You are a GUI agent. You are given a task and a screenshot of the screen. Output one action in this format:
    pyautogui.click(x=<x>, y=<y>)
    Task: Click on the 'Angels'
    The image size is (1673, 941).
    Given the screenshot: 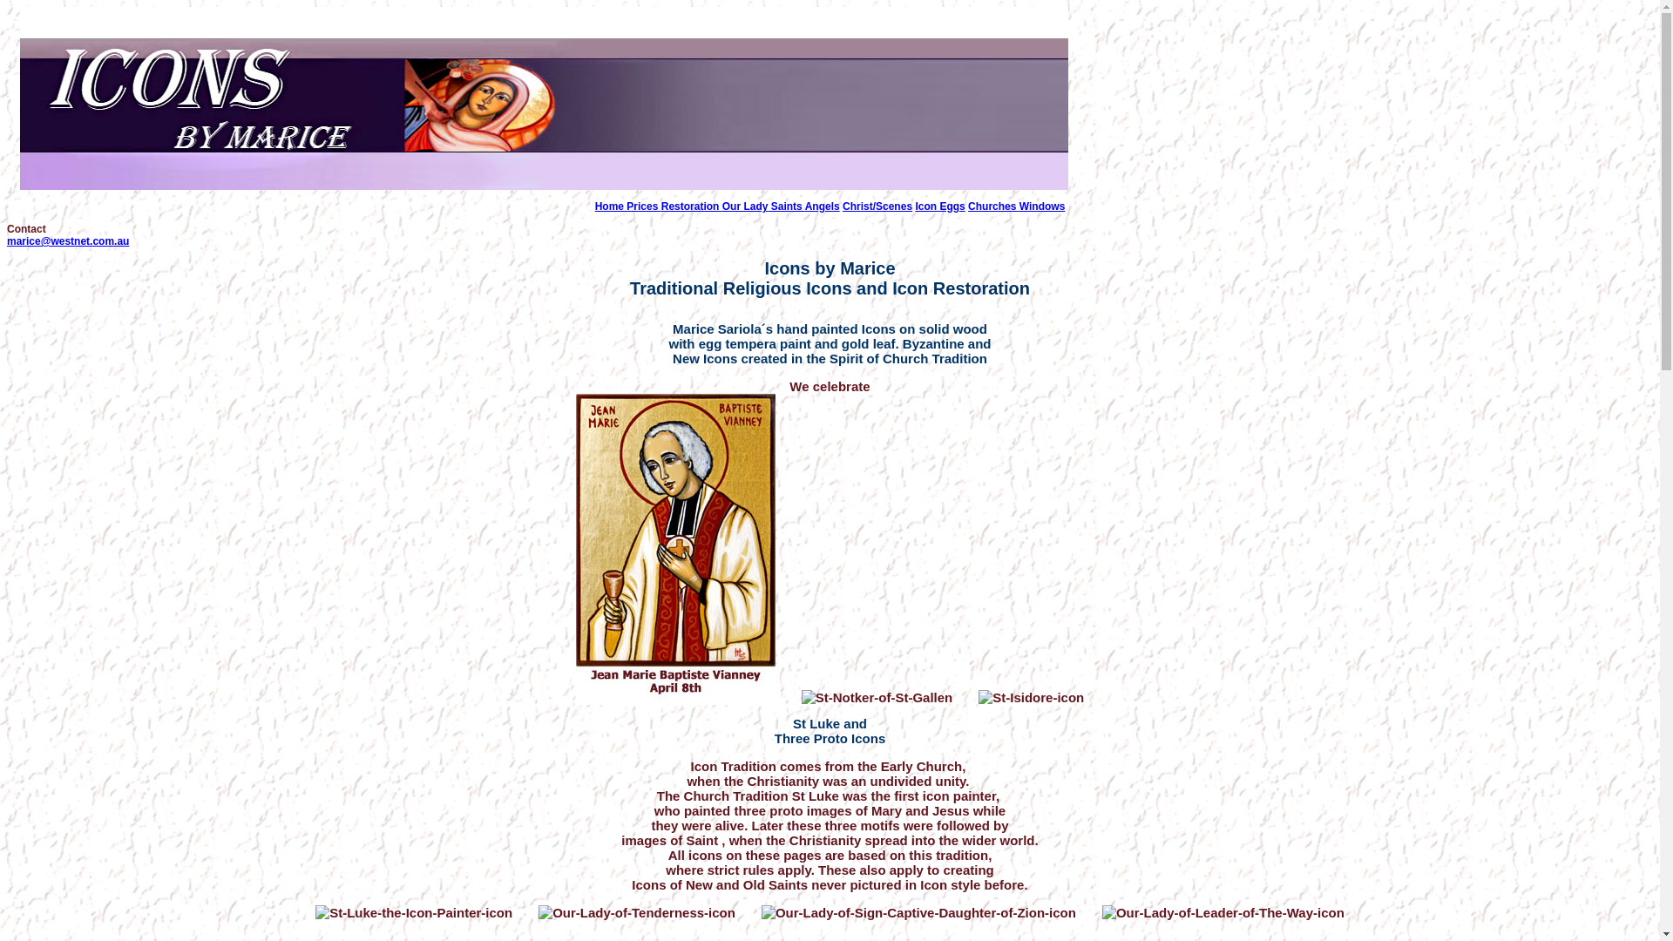 What is the action you would take?
    pyautogui.click(x=822, y=205)
    